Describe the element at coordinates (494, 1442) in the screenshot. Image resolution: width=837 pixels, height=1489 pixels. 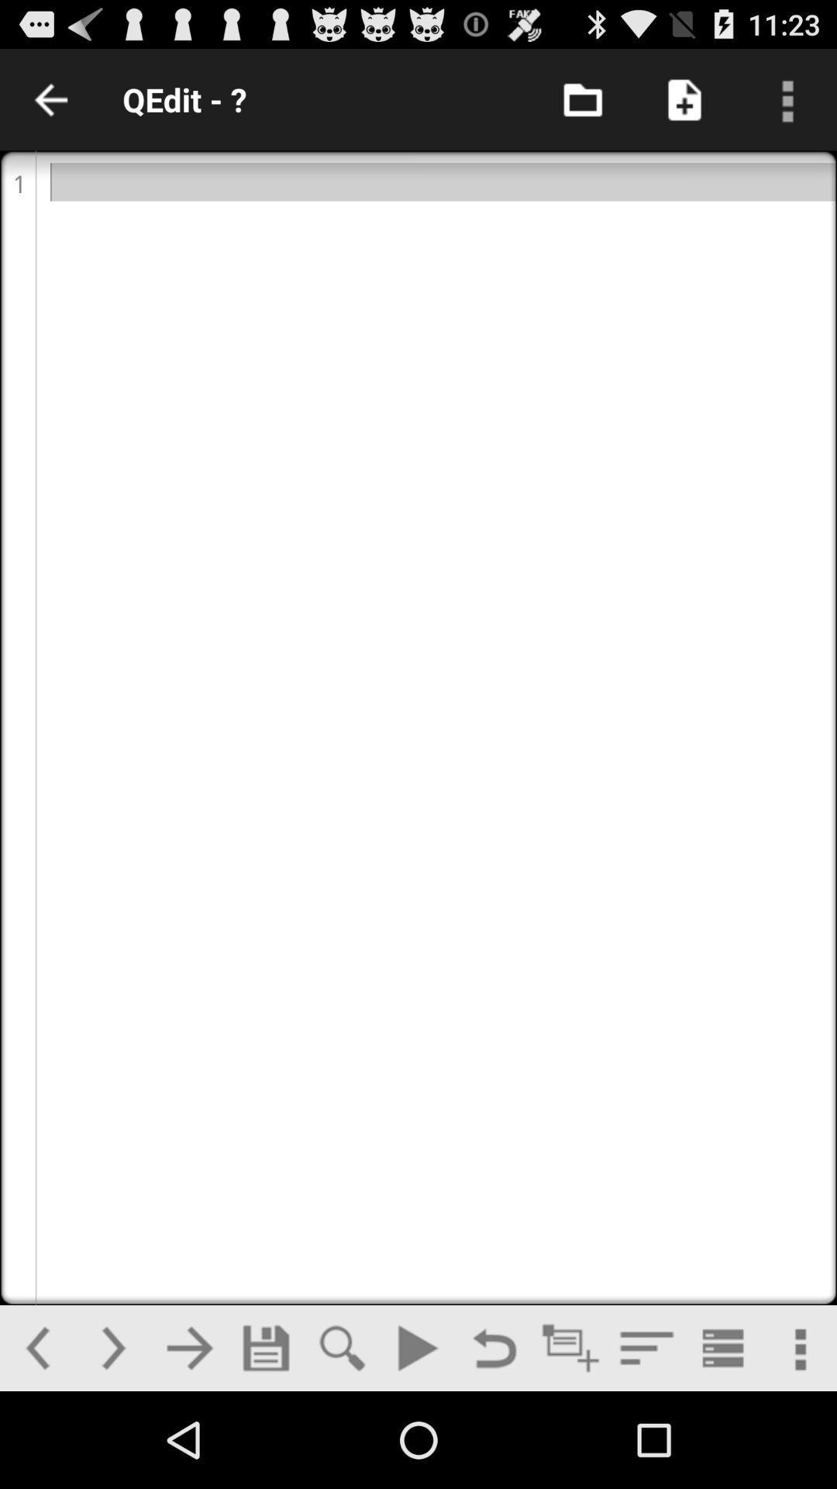
I see `the undo icon` at that location.